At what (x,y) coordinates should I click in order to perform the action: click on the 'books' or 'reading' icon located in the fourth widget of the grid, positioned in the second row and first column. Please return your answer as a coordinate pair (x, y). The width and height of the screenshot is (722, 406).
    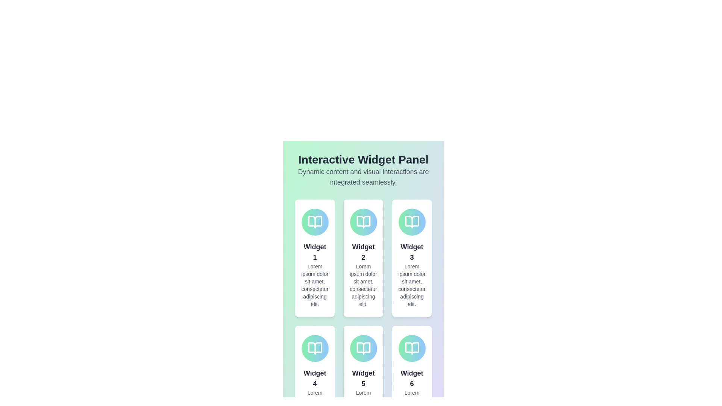
    Looking at the image, I should click on (315, 348).